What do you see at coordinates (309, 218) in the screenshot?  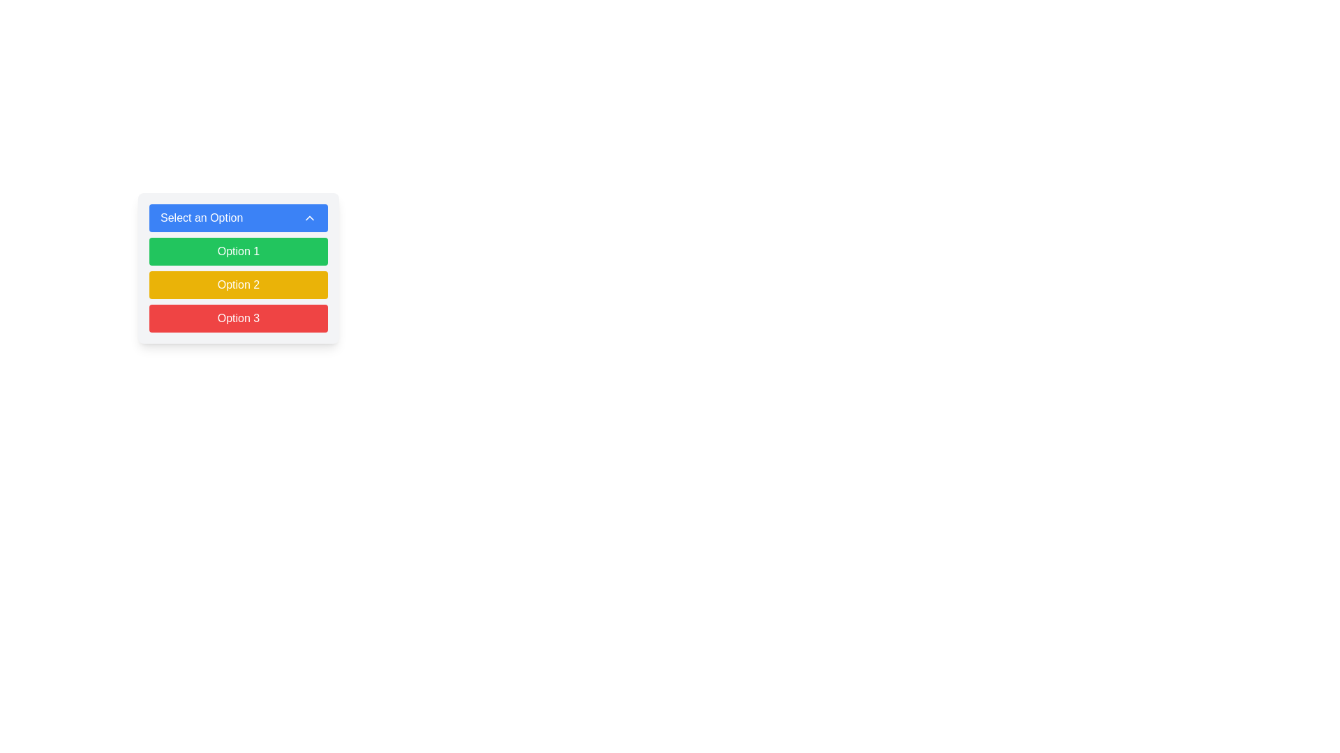 I see `the upward-pointing chevron icon with a blue background located on the right side of the 'Select an Option' button` at bounding box center [309, 218].